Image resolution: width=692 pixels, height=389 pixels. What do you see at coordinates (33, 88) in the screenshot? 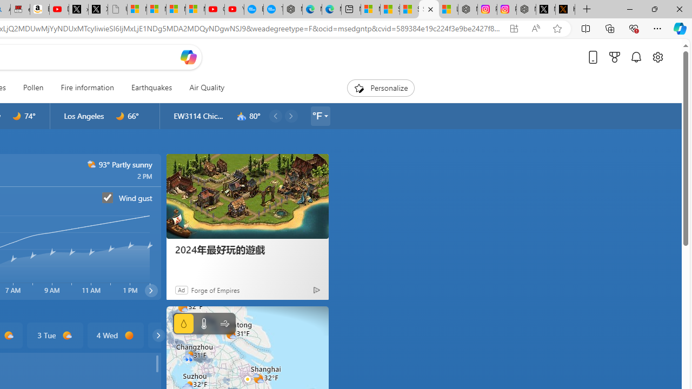
I see `'Pollen'` at bounding box center [33, 88].